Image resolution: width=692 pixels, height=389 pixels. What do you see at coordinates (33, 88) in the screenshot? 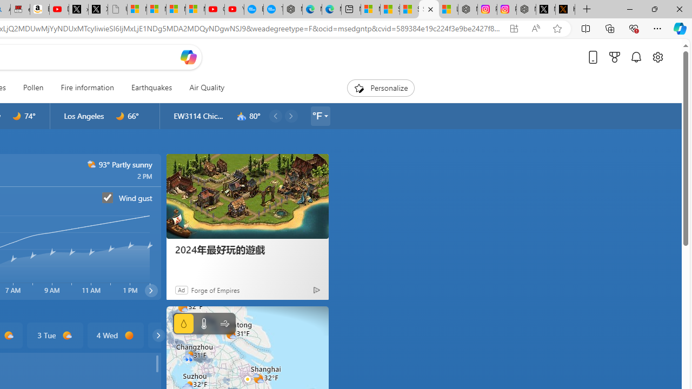
I see `'Pollen'` at bounding box center [33, 88].